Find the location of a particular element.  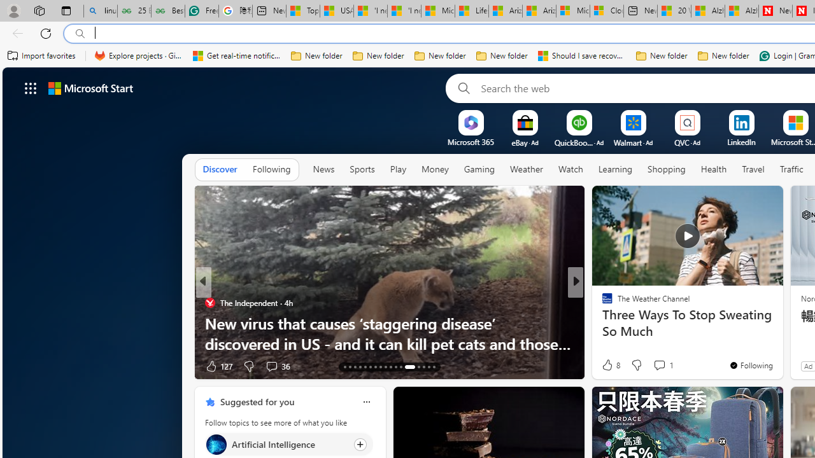

'20 Ways to Boost Your Protein Intake at Every Meal' is located at coordinates (674, 11).